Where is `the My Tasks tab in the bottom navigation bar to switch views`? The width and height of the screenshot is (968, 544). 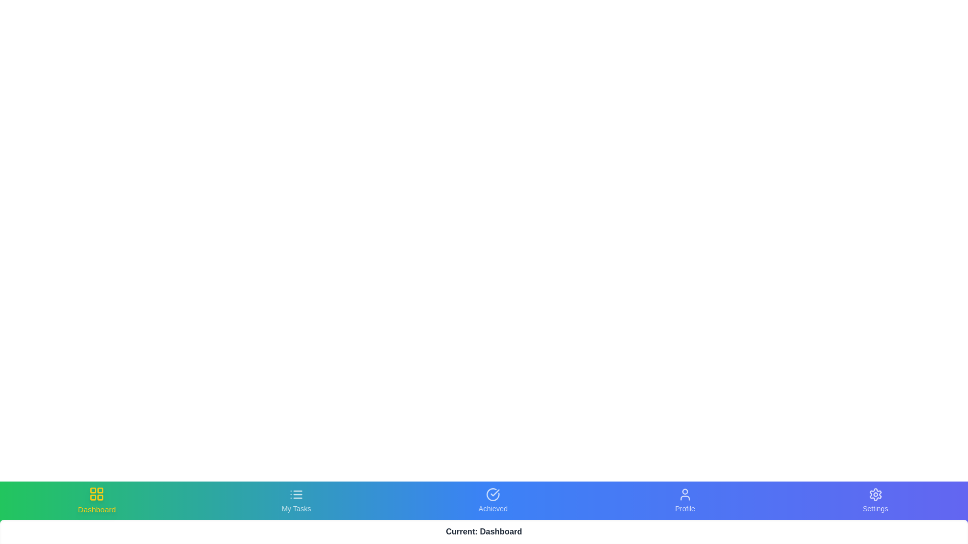 the My Tasks tab in the bottom navigation bar to switch views is located at coordinates (295, 501).